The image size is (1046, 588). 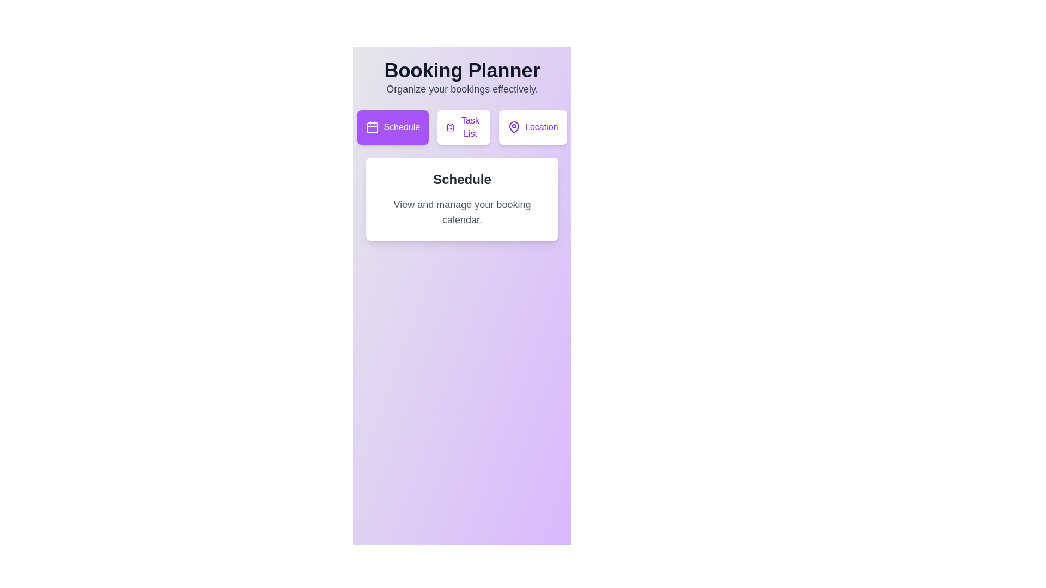 What do you see at coordinates (463, 127) in the screenshot?
I see `the Task List tab by clicking its navigation button` at bounding box center [463, 127].